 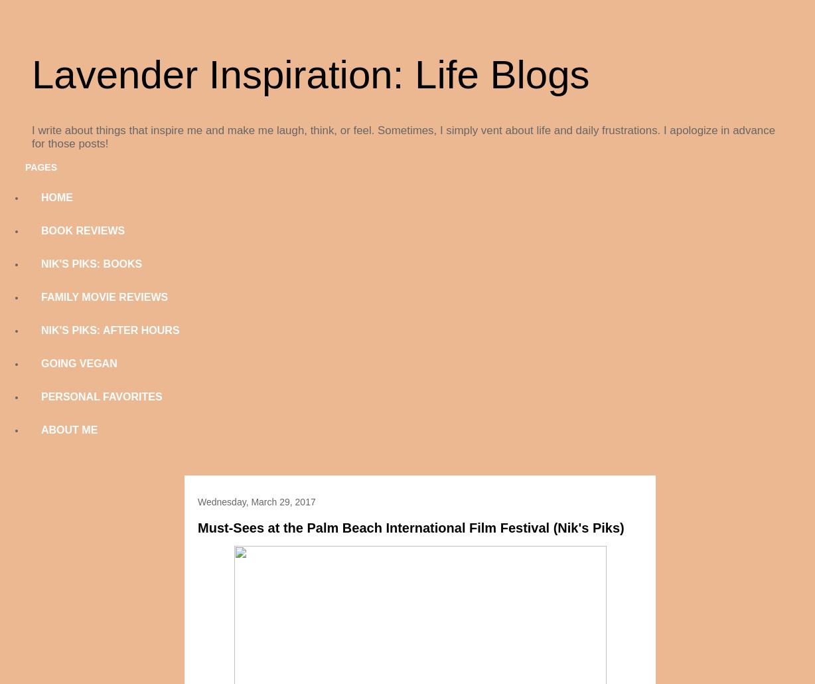 I want to click on 'HOME', so click(x=41, y=197).